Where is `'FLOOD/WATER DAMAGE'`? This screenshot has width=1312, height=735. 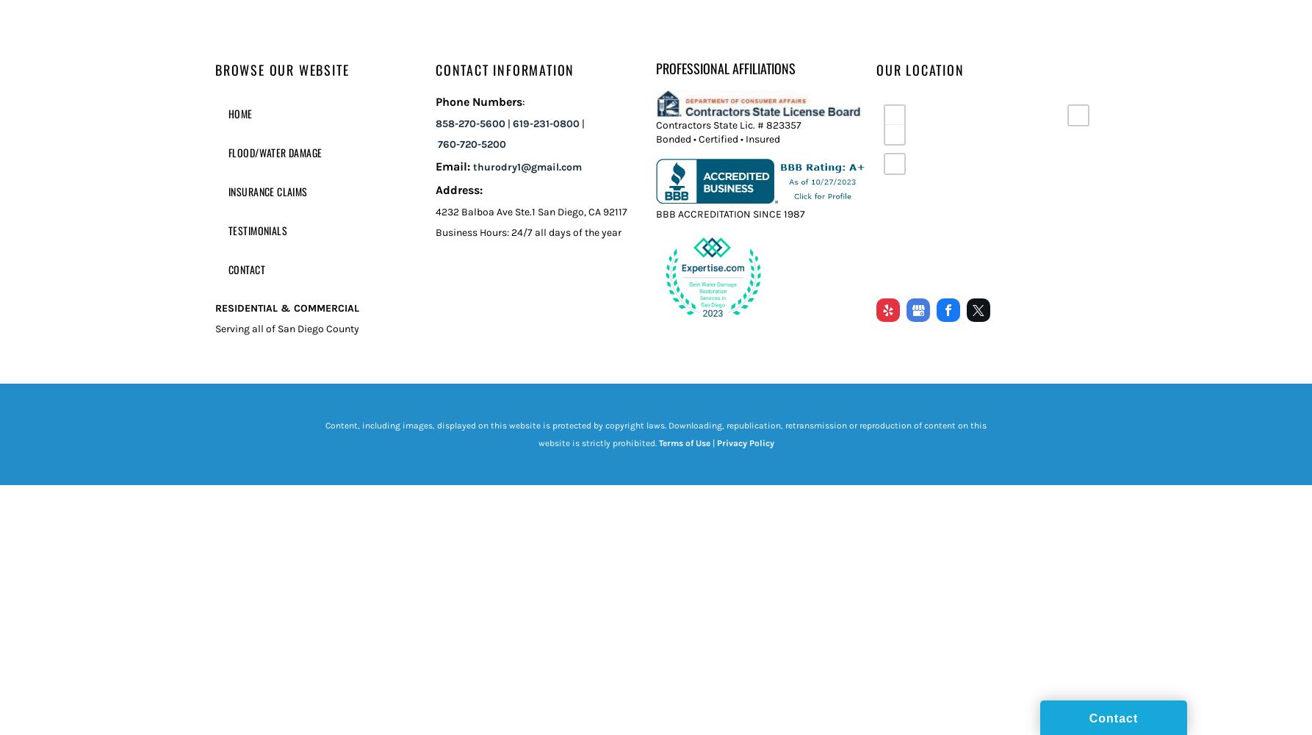
'FLOOD/WATER DAMAGE' is located at coordinates (228, 151).